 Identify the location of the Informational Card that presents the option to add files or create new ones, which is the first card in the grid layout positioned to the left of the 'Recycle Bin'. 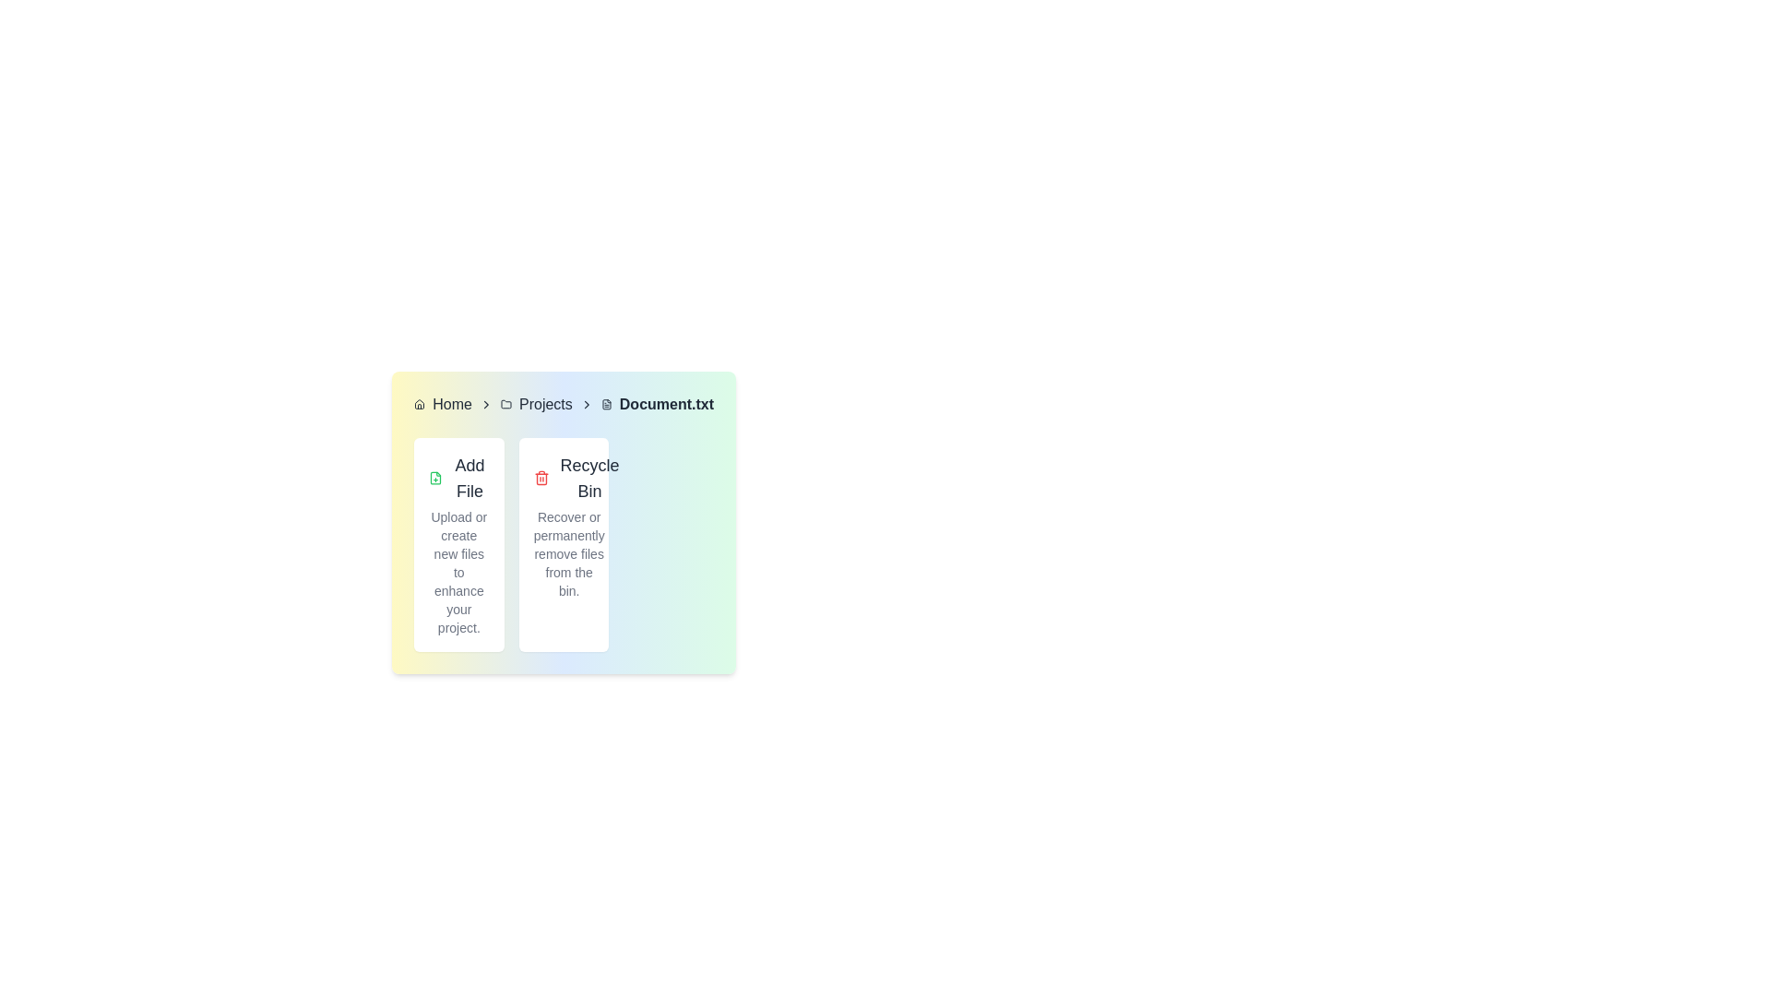
(458, 543).